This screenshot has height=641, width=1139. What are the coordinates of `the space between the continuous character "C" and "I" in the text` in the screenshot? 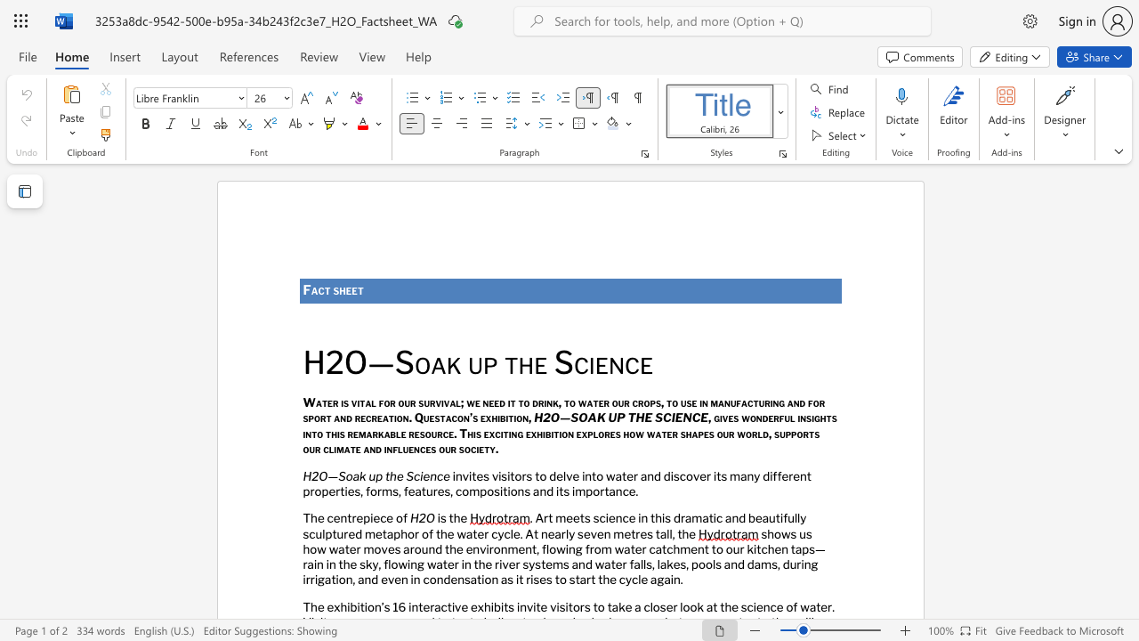 It's located at (669, 418).